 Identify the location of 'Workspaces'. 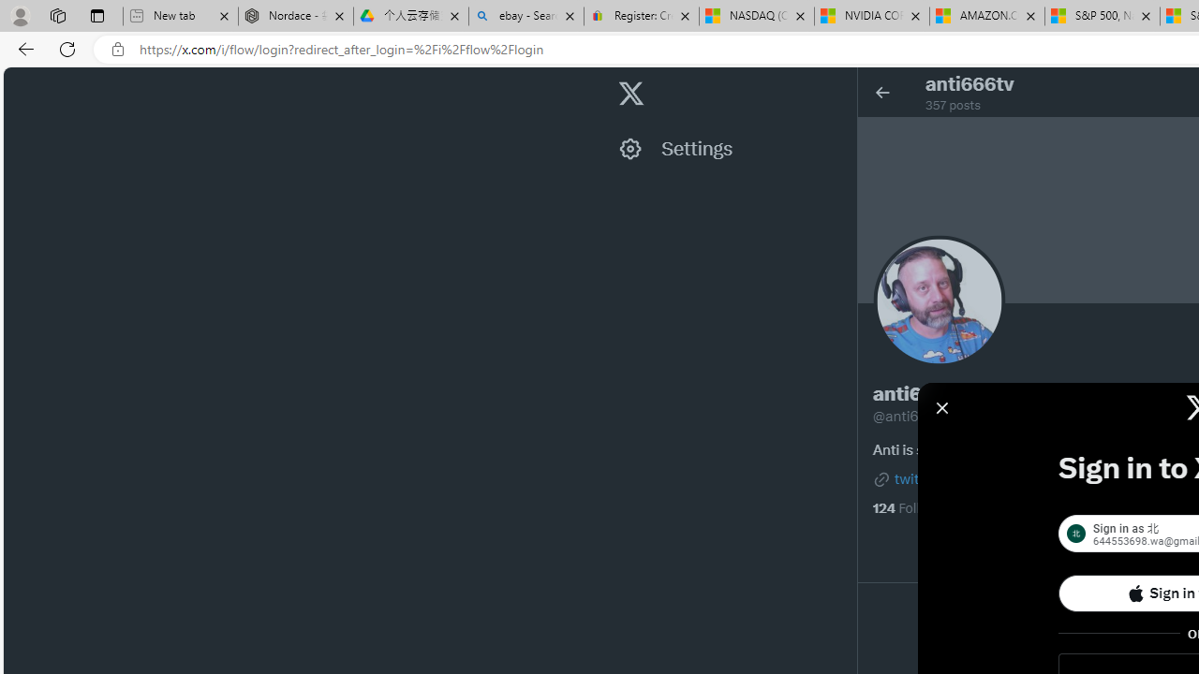
(57, 15).